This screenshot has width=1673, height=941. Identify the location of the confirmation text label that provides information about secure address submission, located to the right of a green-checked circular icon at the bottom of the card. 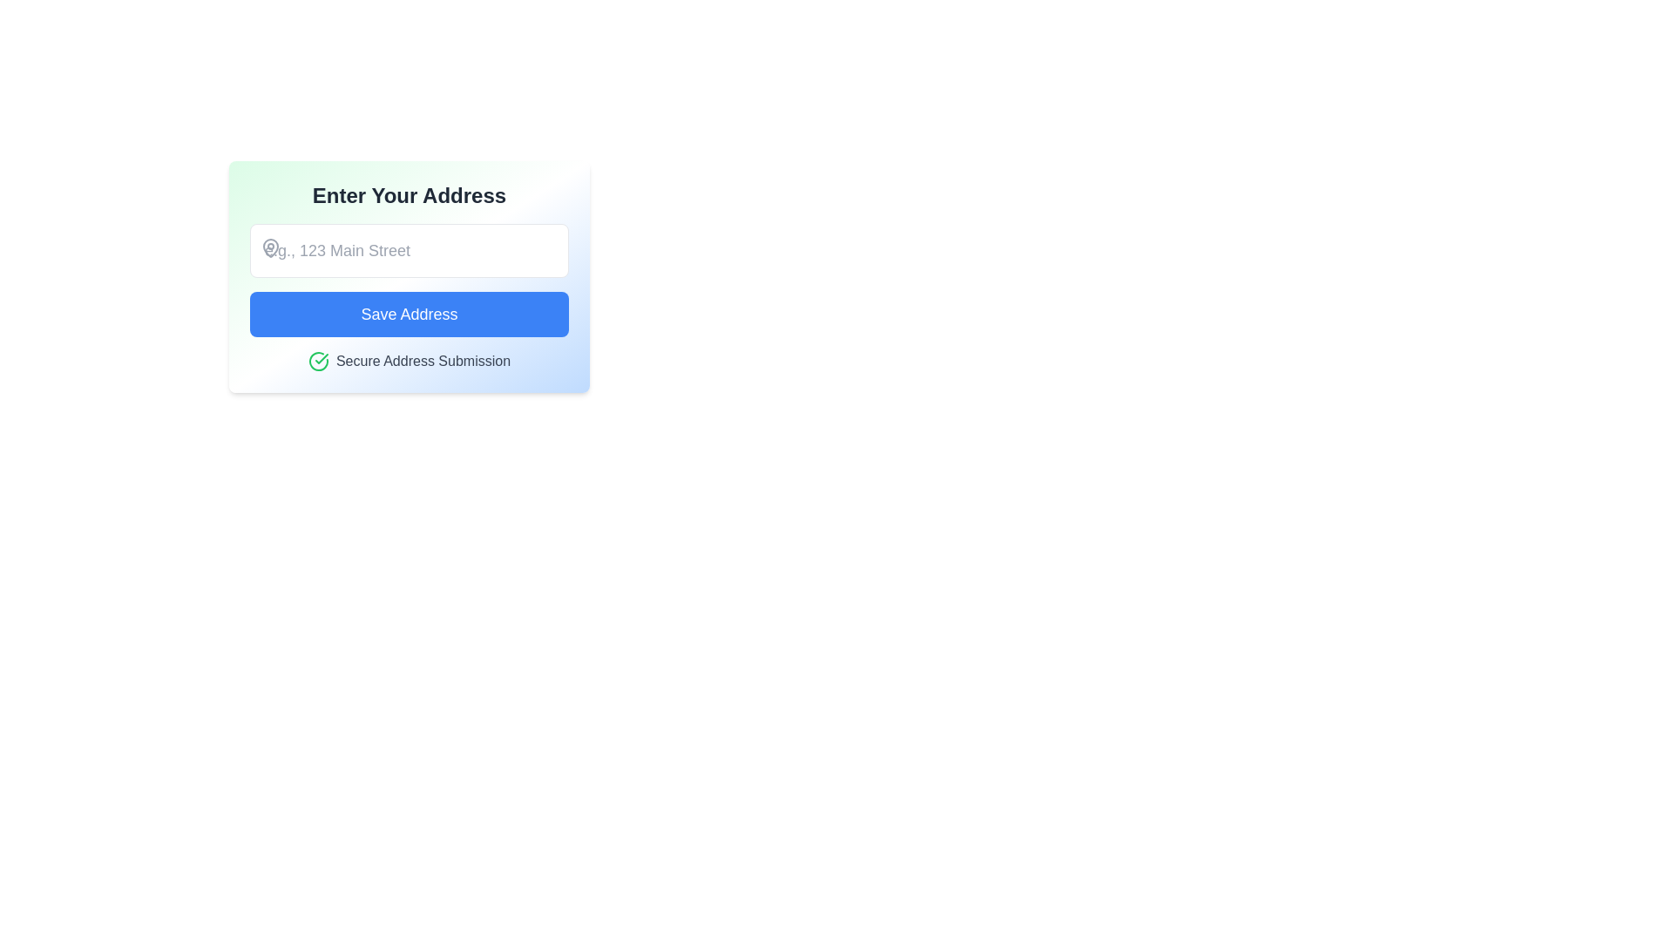
(423, 361).